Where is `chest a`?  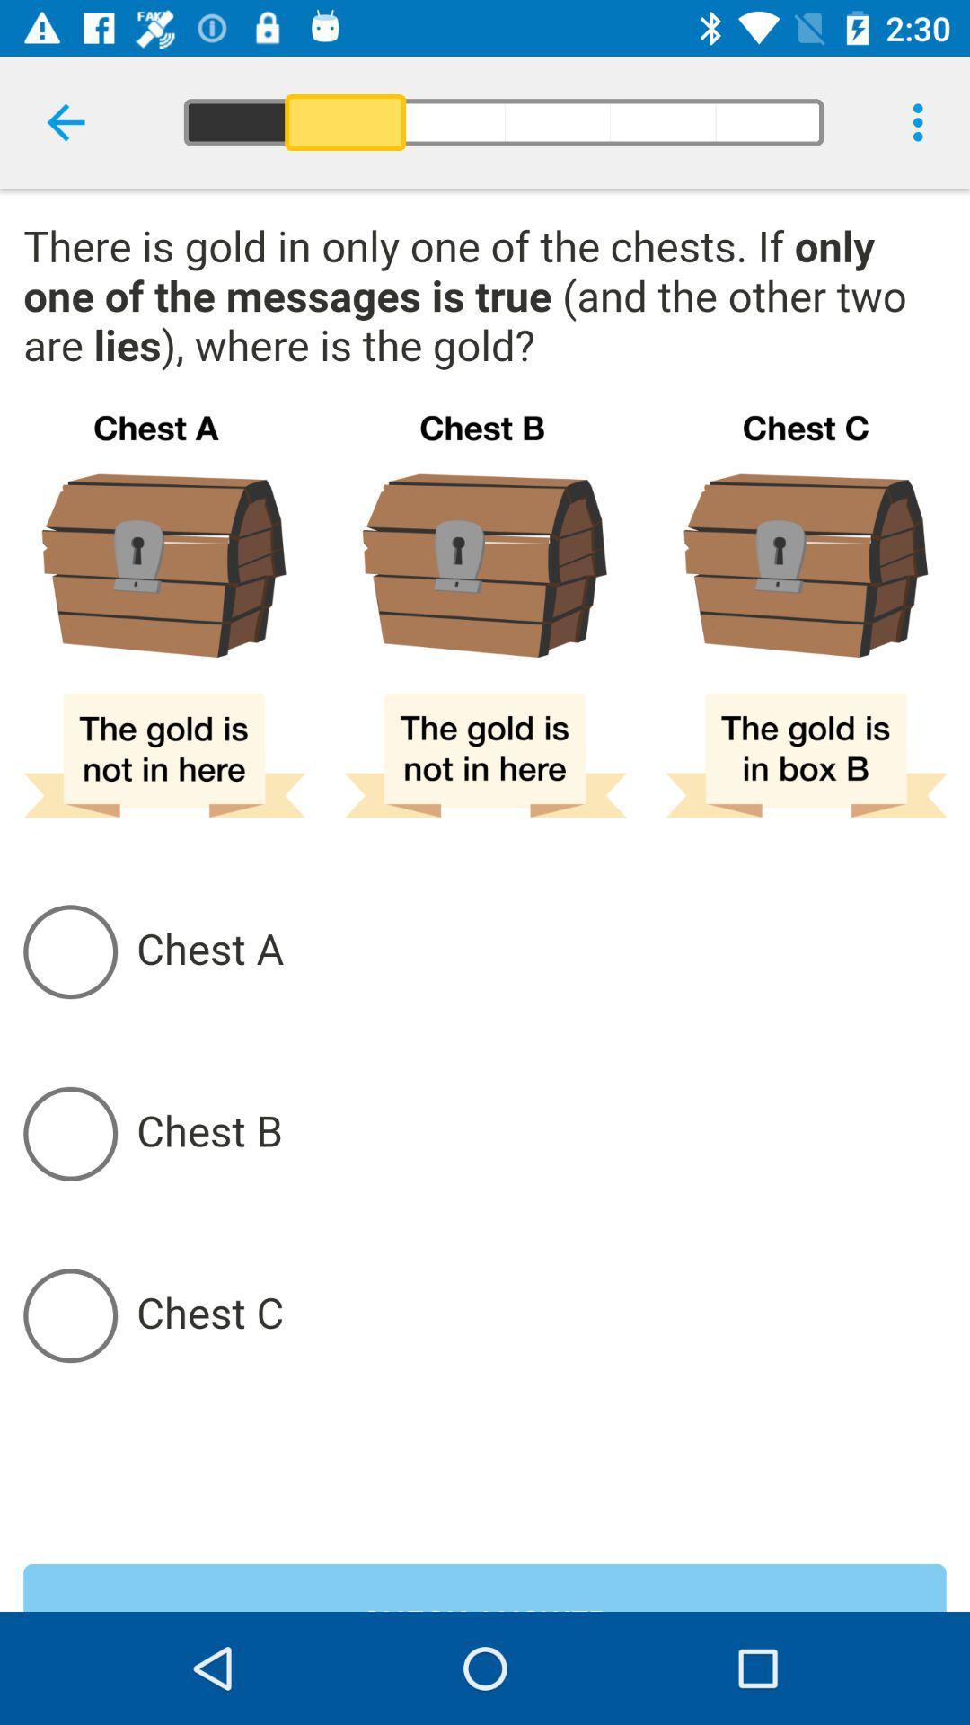
chest a is located at coordinates (540, 951).